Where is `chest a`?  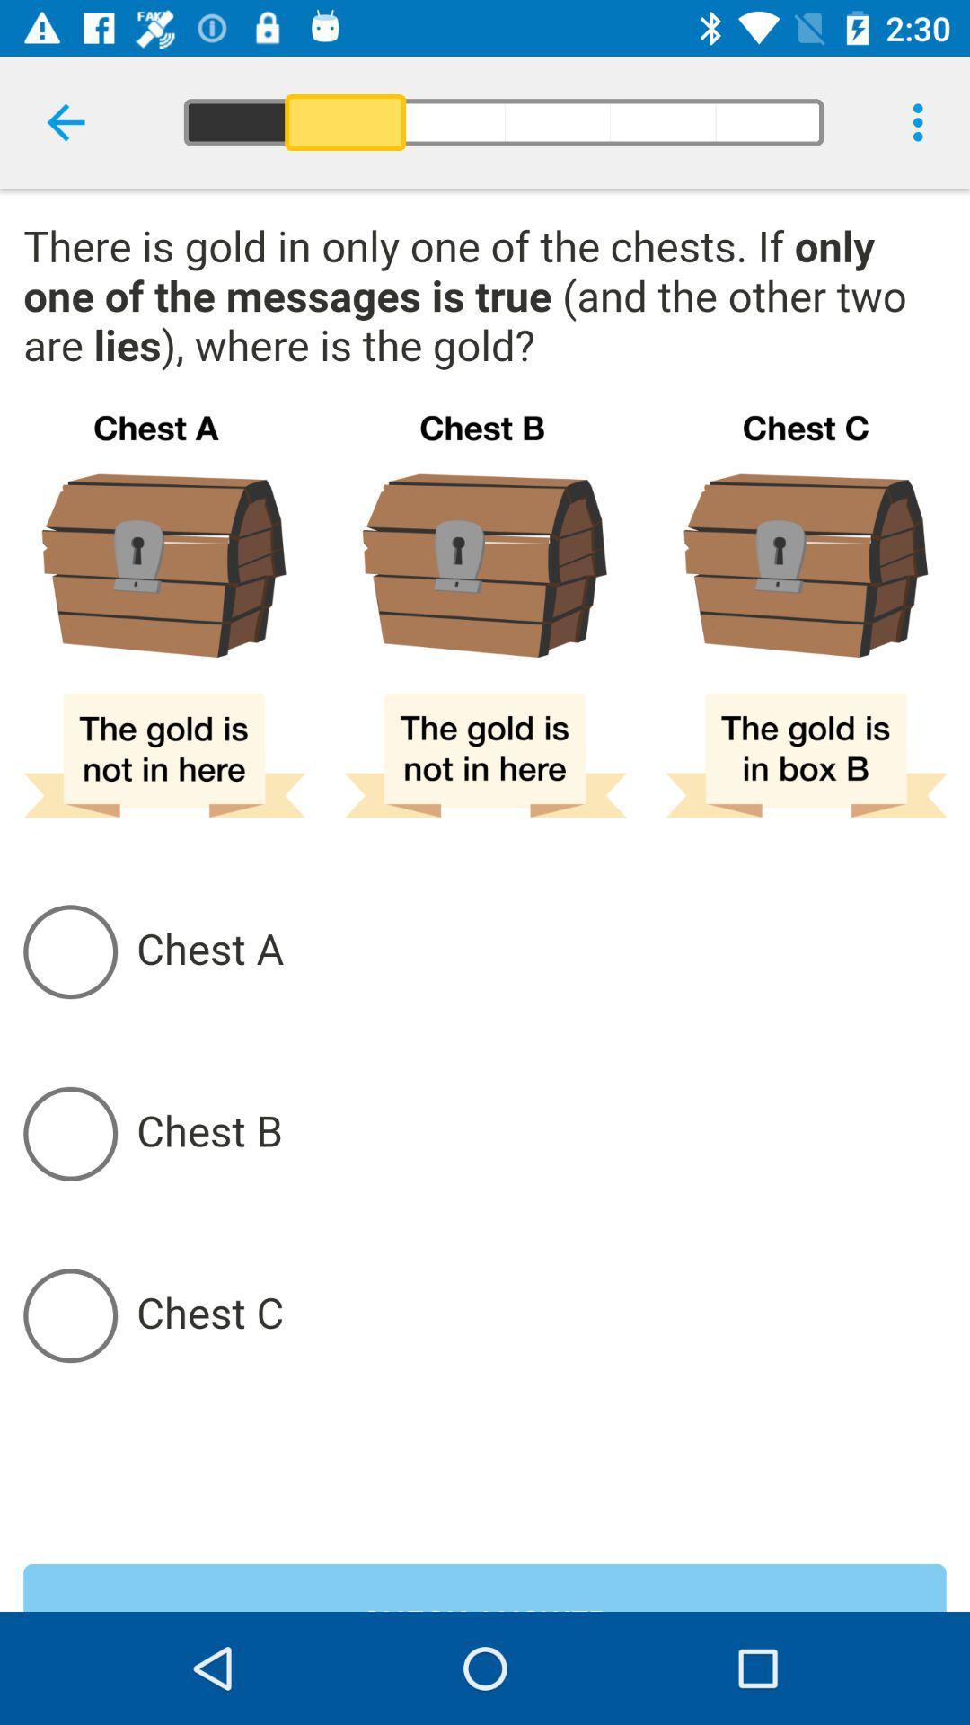
chest a is located at coordinates (540, 951).